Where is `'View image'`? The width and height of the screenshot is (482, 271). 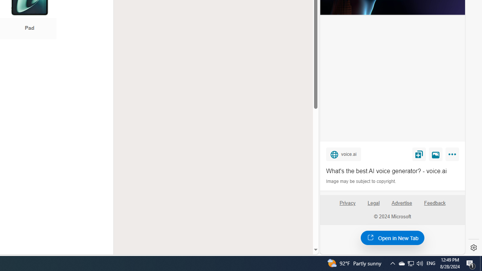
'View image' is located at coordinates (436, 154).